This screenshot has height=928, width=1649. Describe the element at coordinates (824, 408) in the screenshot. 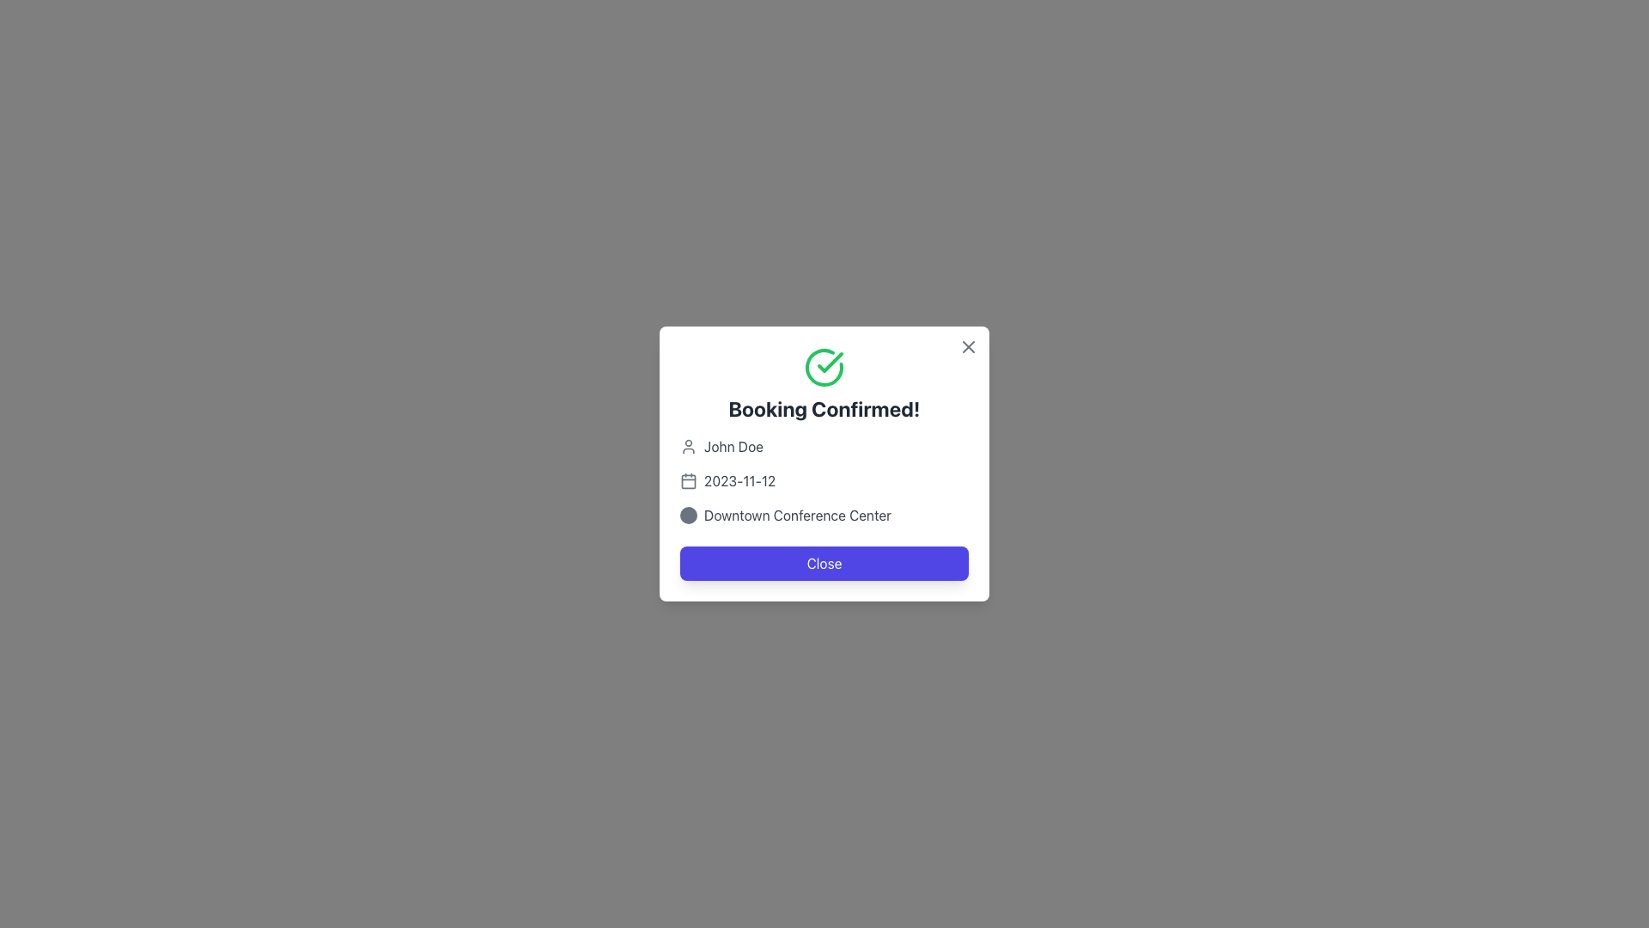

I see `the bold text displaying 'Booking Confirmed!' located near the top of the confirmation panel` at that location.